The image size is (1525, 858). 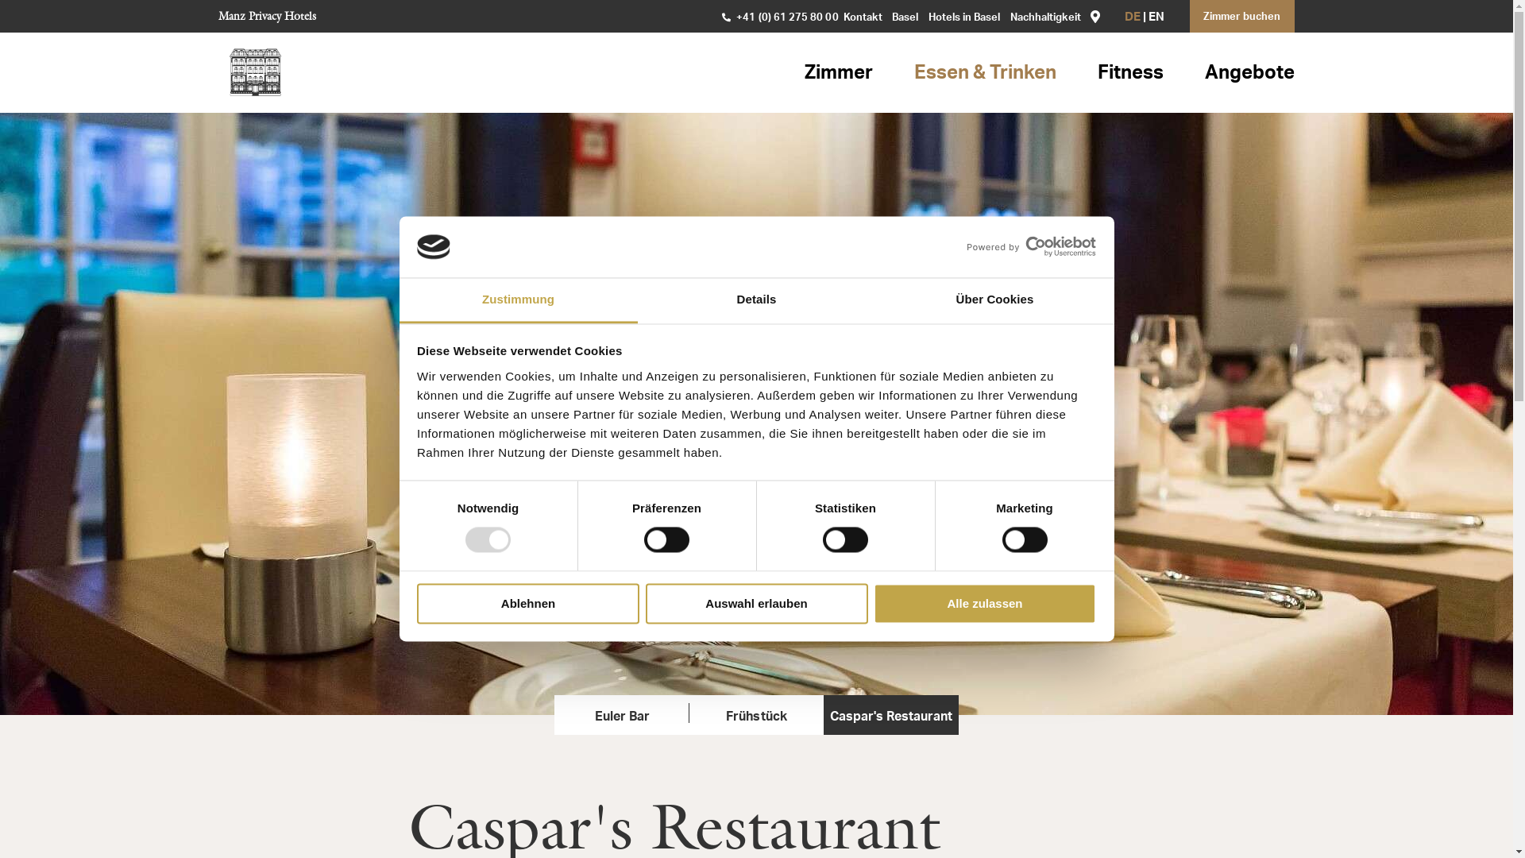 What do you see at coordinates (518, 300) in the screenshot?
I see `'Zustimmung'` at bounding box center [518, 300].